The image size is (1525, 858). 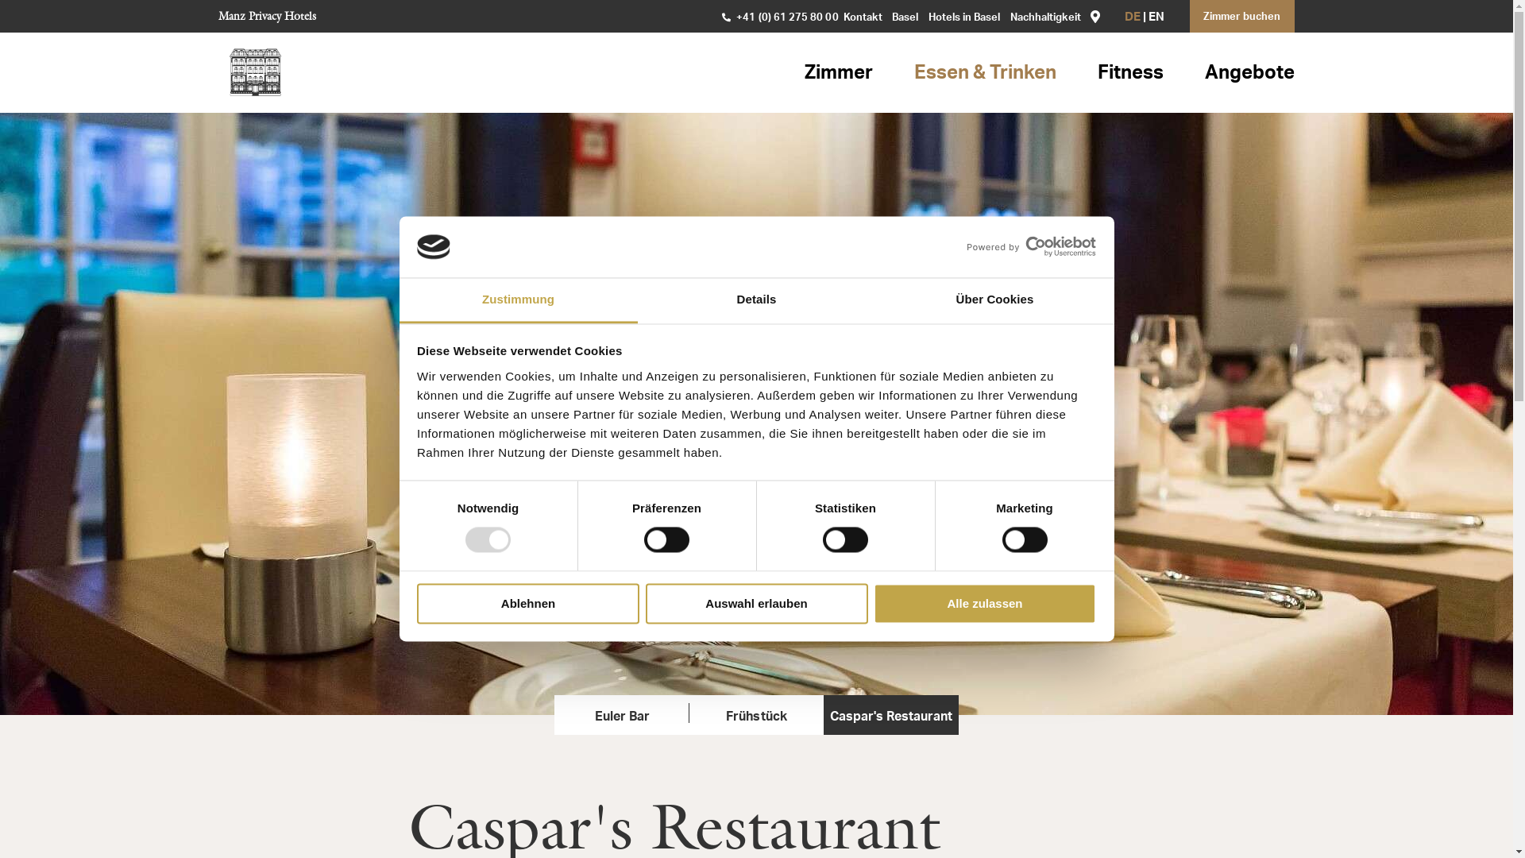 What do you see at coordinates (518, 300) in the screenshot?
I see `'Zustimmung'` at bounding box center [518, 300].